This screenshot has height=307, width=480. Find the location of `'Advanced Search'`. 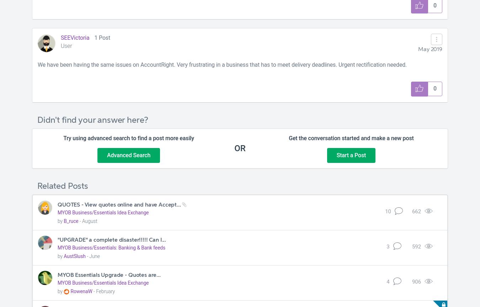

'Advanced Search' is located at coordinates (106, 154).